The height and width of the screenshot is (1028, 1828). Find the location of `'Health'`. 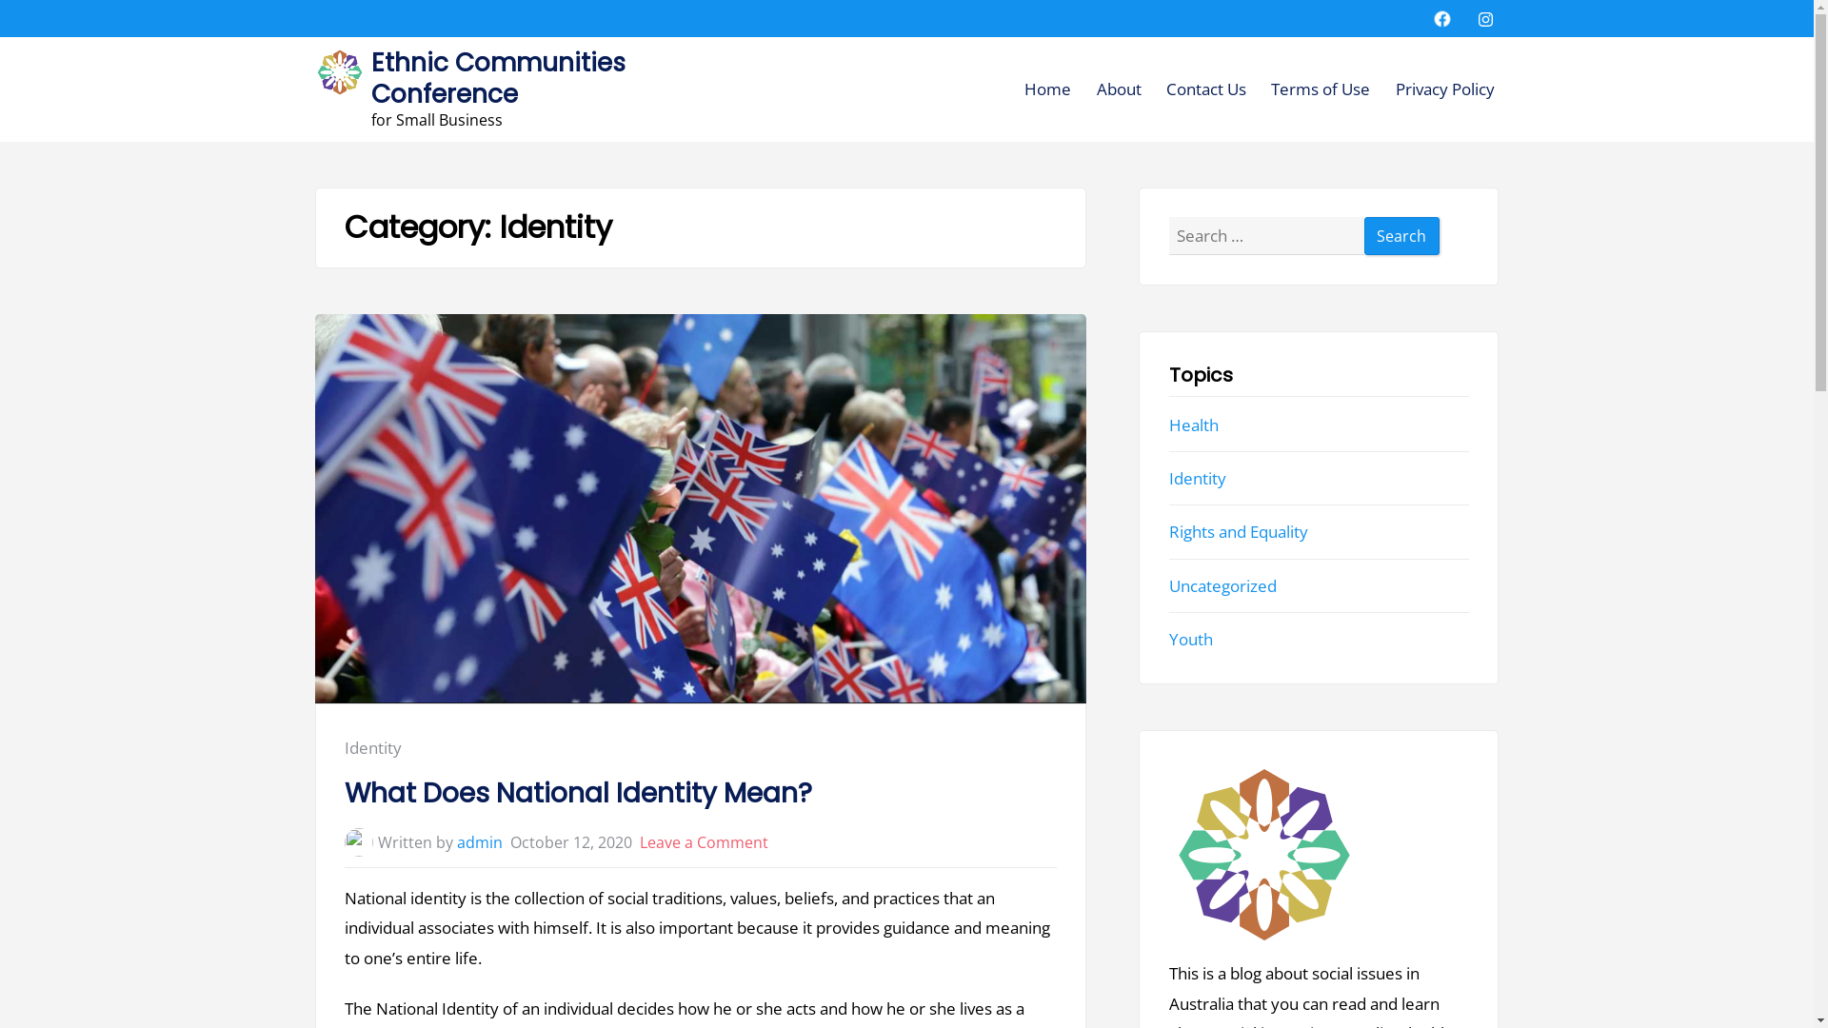

'Health' is located at coordinates (1192, 424).